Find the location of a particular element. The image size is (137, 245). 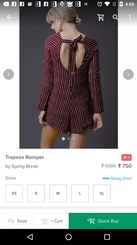

the right of search icon is located at coordinates (130, 17).